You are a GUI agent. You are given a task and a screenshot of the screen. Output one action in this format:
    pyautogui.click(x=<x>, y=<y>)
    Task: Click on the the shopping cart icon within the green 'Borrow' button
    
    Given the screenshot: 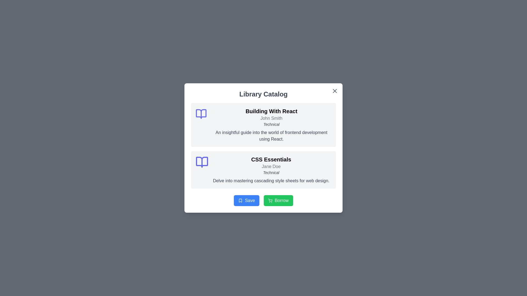 What is the action you would take?
    pyautogui.click(x=270, y=201)
    